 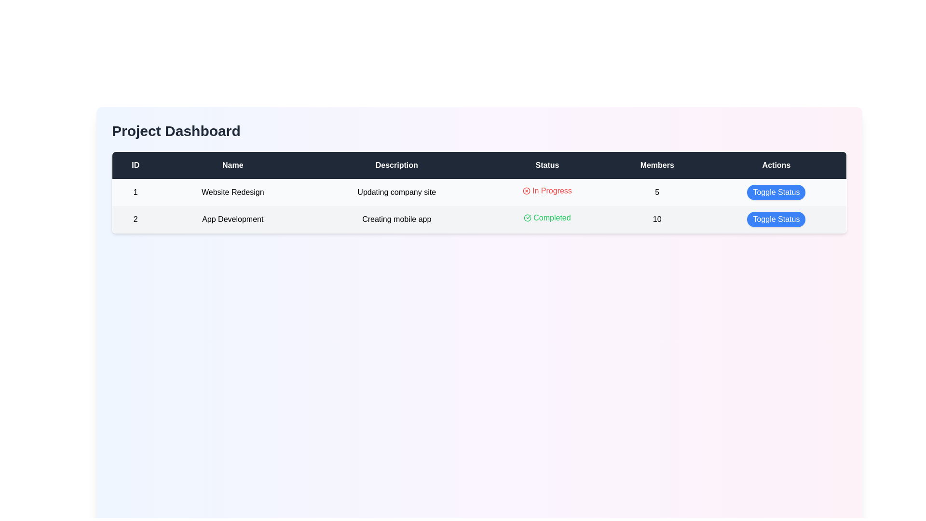 What do you see at coordinates (232, 219) in the screenshot?
I see `the Static Label displaying 'App Development', which is the second item in the 'Name' column of the project information table` at bounding box center [232, 219].